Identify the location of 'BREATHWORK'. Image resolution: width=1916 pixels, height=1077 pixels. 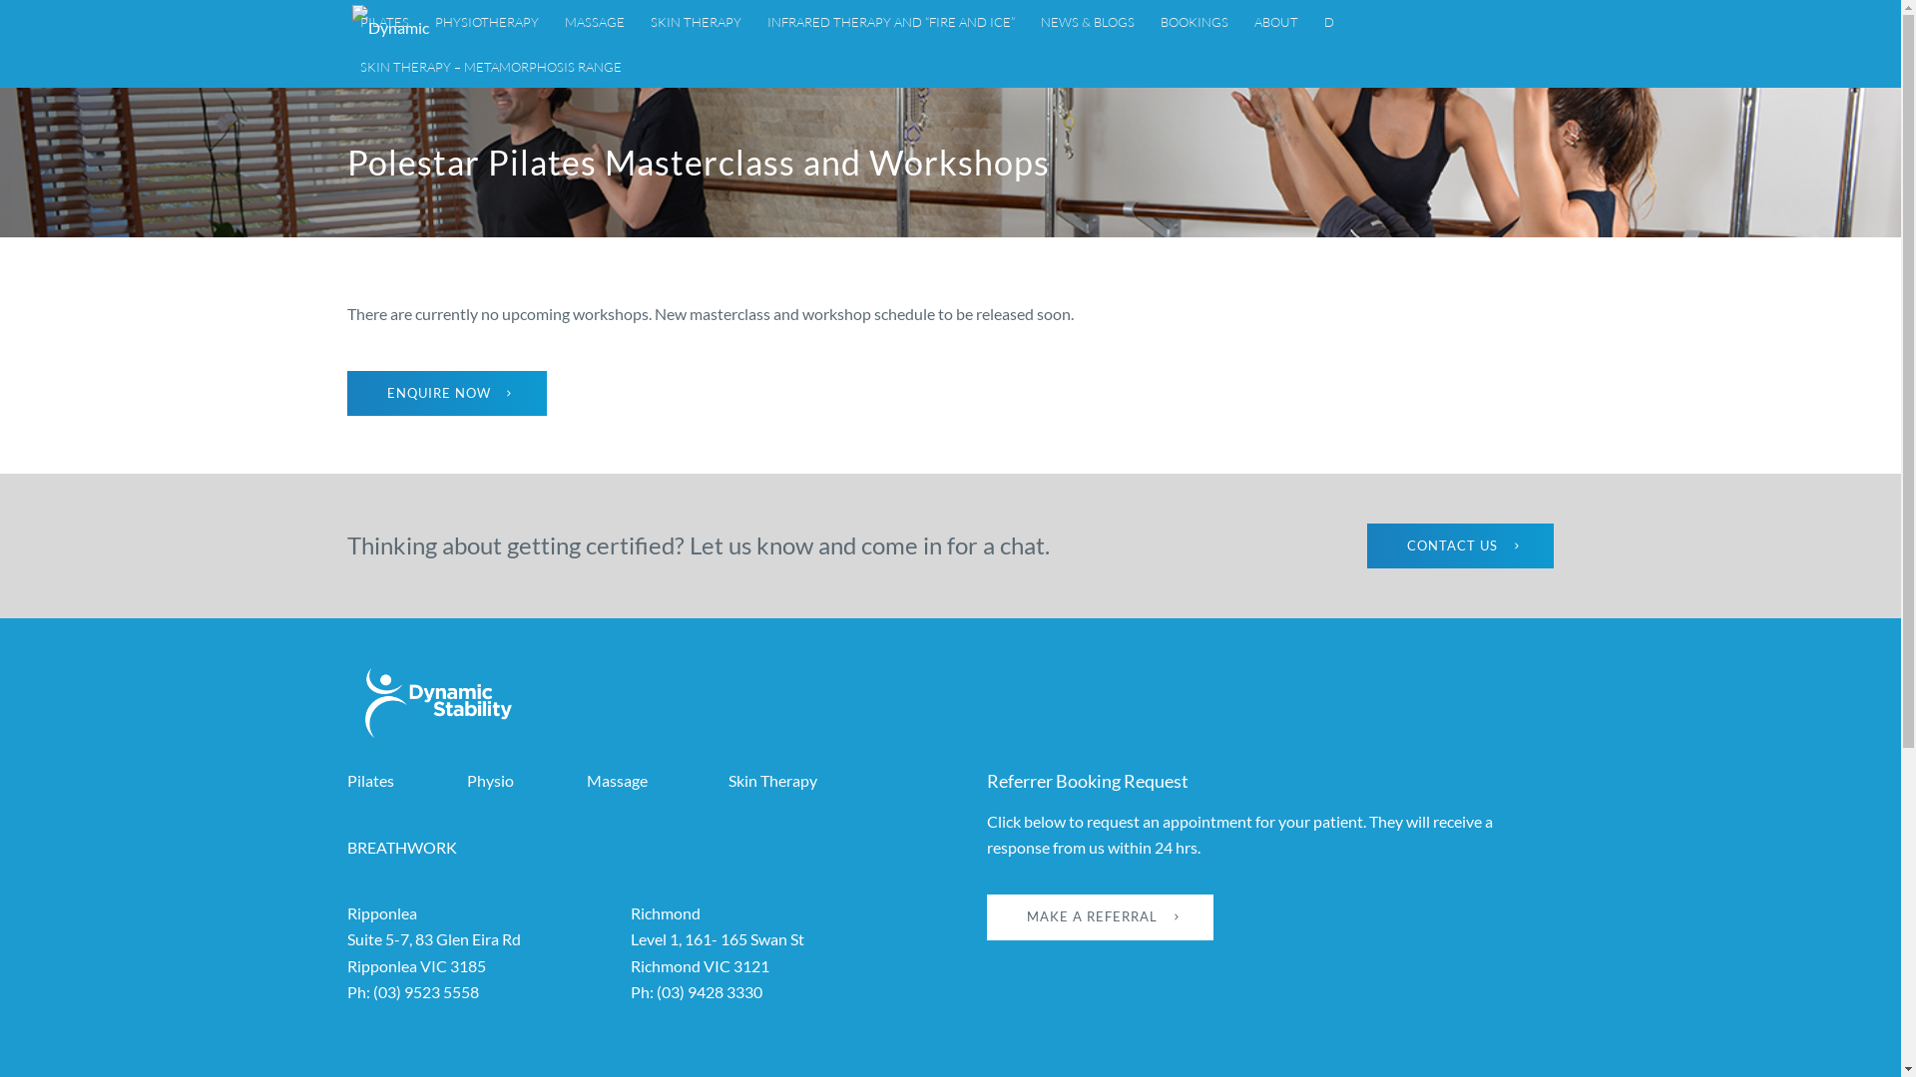
(401, 847).